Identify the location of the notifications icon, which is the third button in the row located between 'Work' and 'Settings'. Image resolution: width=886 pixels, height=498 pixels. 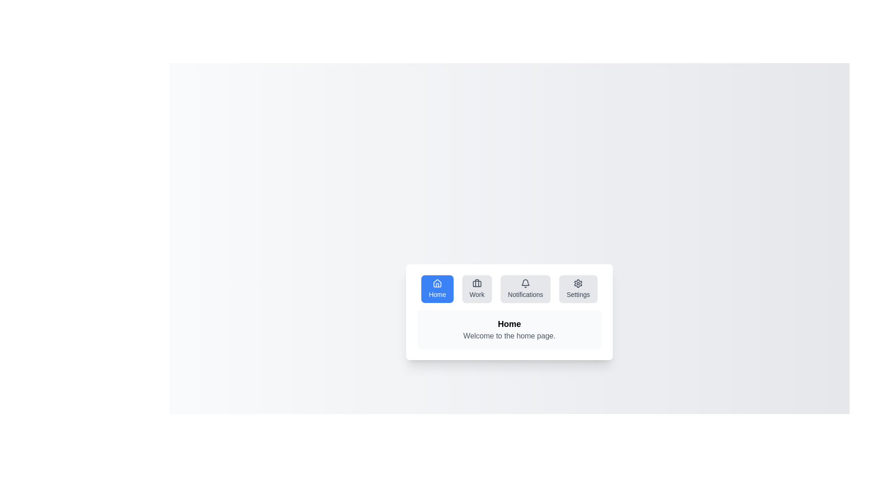
(525, 283).